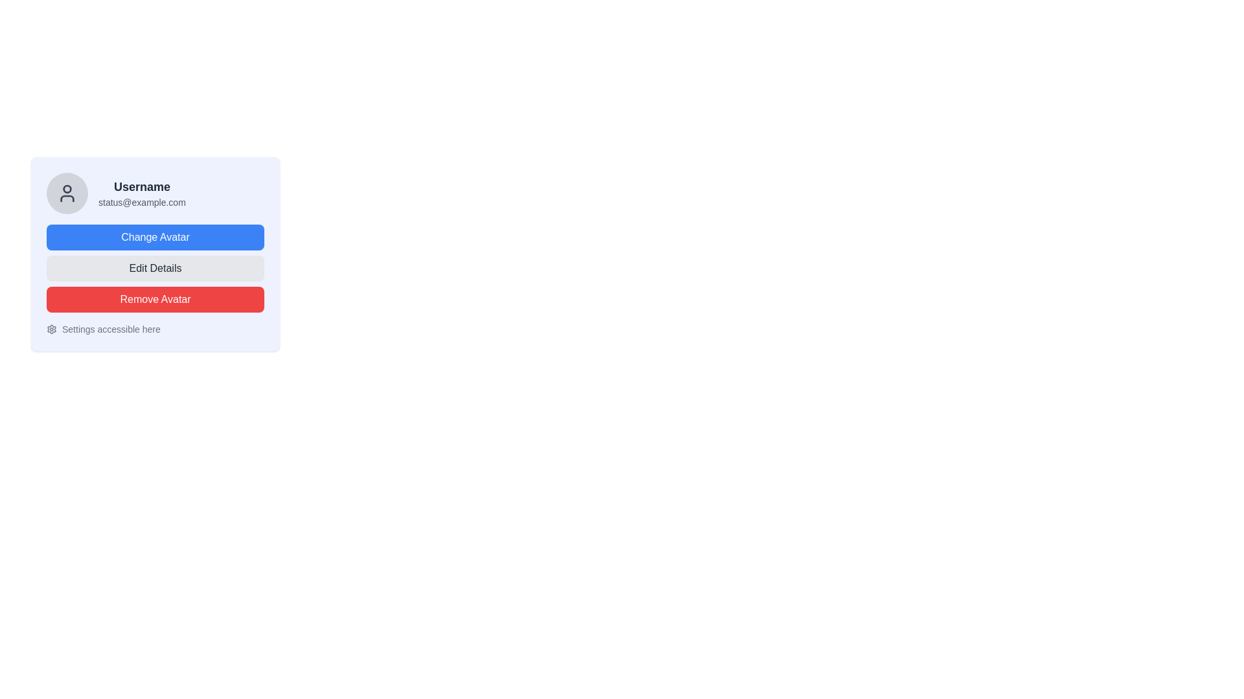  Describe the element at coordinates (142, 187) in the screenshot. I see `the 'Username' text label which is bold and prominently displayed at the top of the profile card, located above the email address element` at that location.